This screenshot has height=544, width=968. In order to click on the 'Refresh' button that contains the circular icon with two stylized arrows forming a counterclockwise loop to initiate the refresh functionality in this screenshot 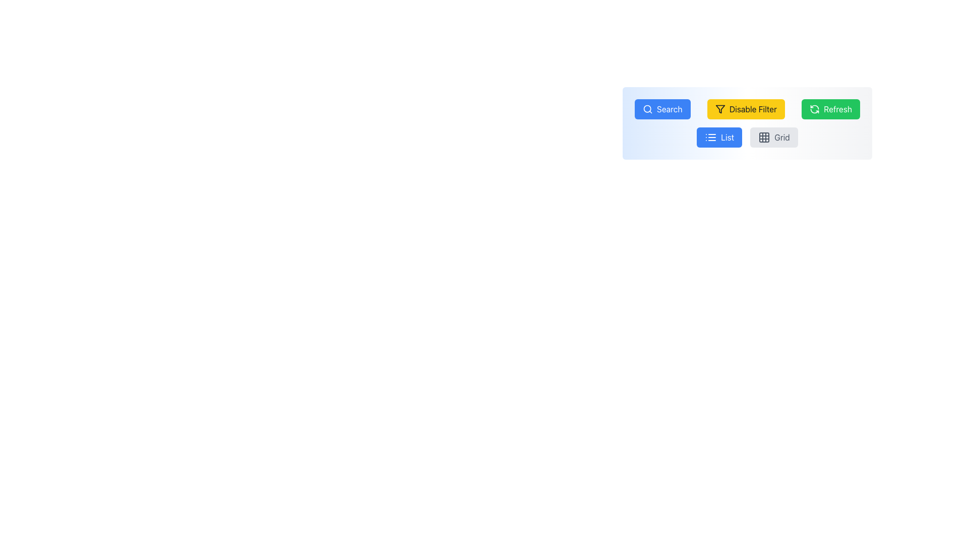, I will do `click(815, 109)`.